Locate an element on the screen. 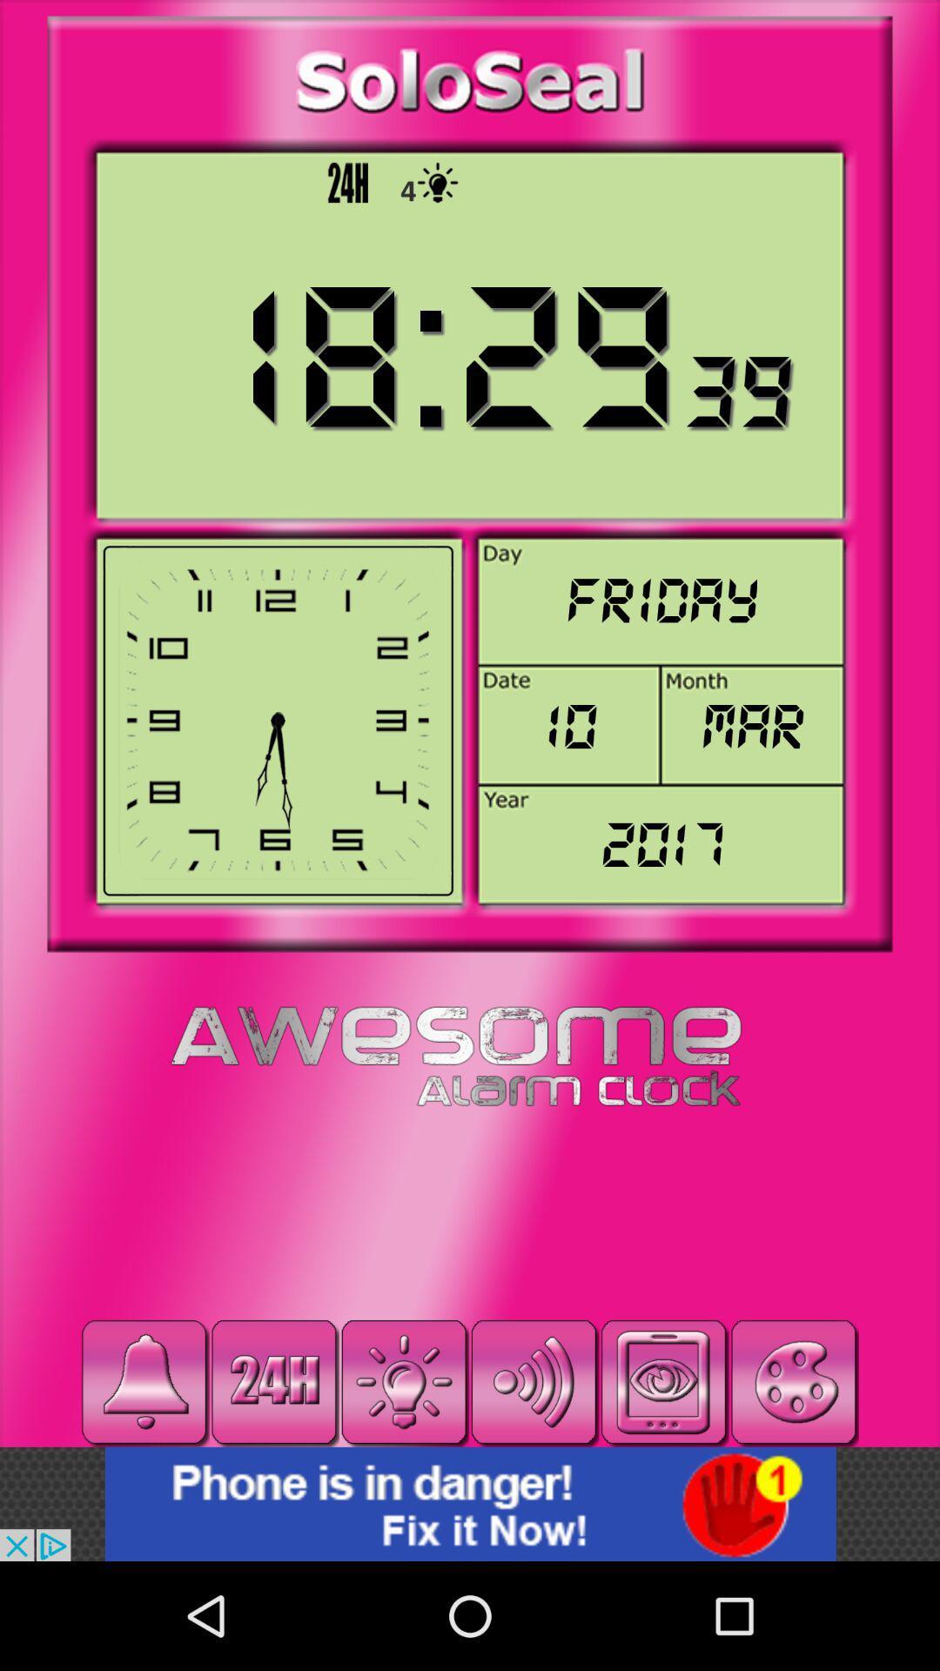  screen page is located at coordinates (664, 1381).